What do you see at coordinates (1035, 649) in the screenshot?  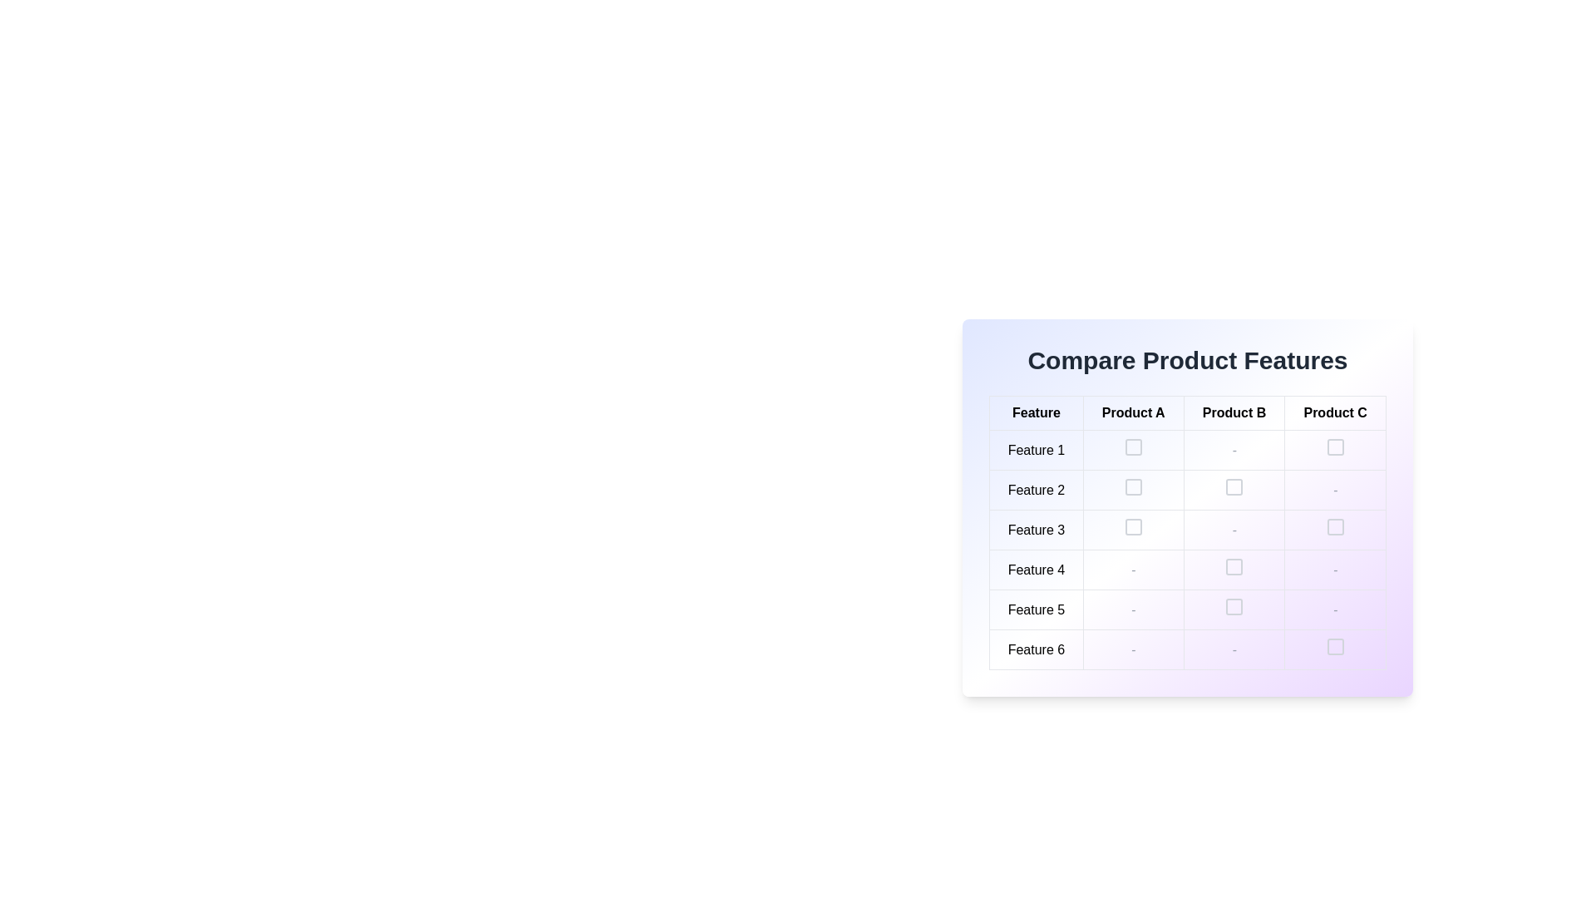 I see `the Text label in the first column of the last row, specifically the sixth row under the 'Feature' header of the comparison table` at bounding box center [1035, 649].